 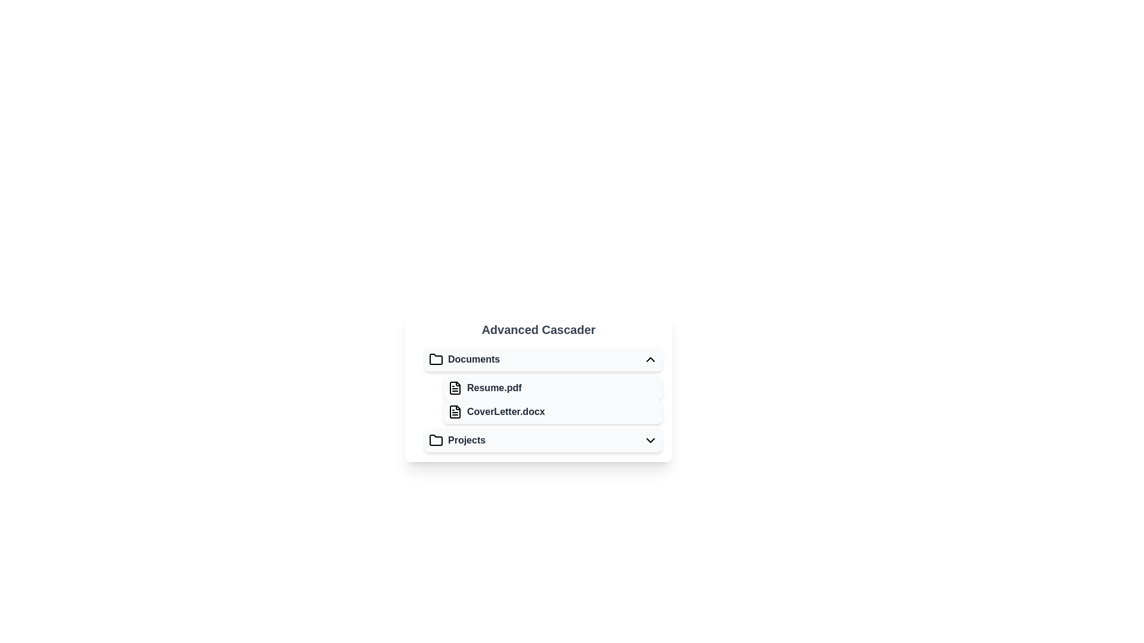 I want to click on the List item labeled 'CoverLetter.docx', which is the second item under the 'Documents' category, so click(x=548, y=411).